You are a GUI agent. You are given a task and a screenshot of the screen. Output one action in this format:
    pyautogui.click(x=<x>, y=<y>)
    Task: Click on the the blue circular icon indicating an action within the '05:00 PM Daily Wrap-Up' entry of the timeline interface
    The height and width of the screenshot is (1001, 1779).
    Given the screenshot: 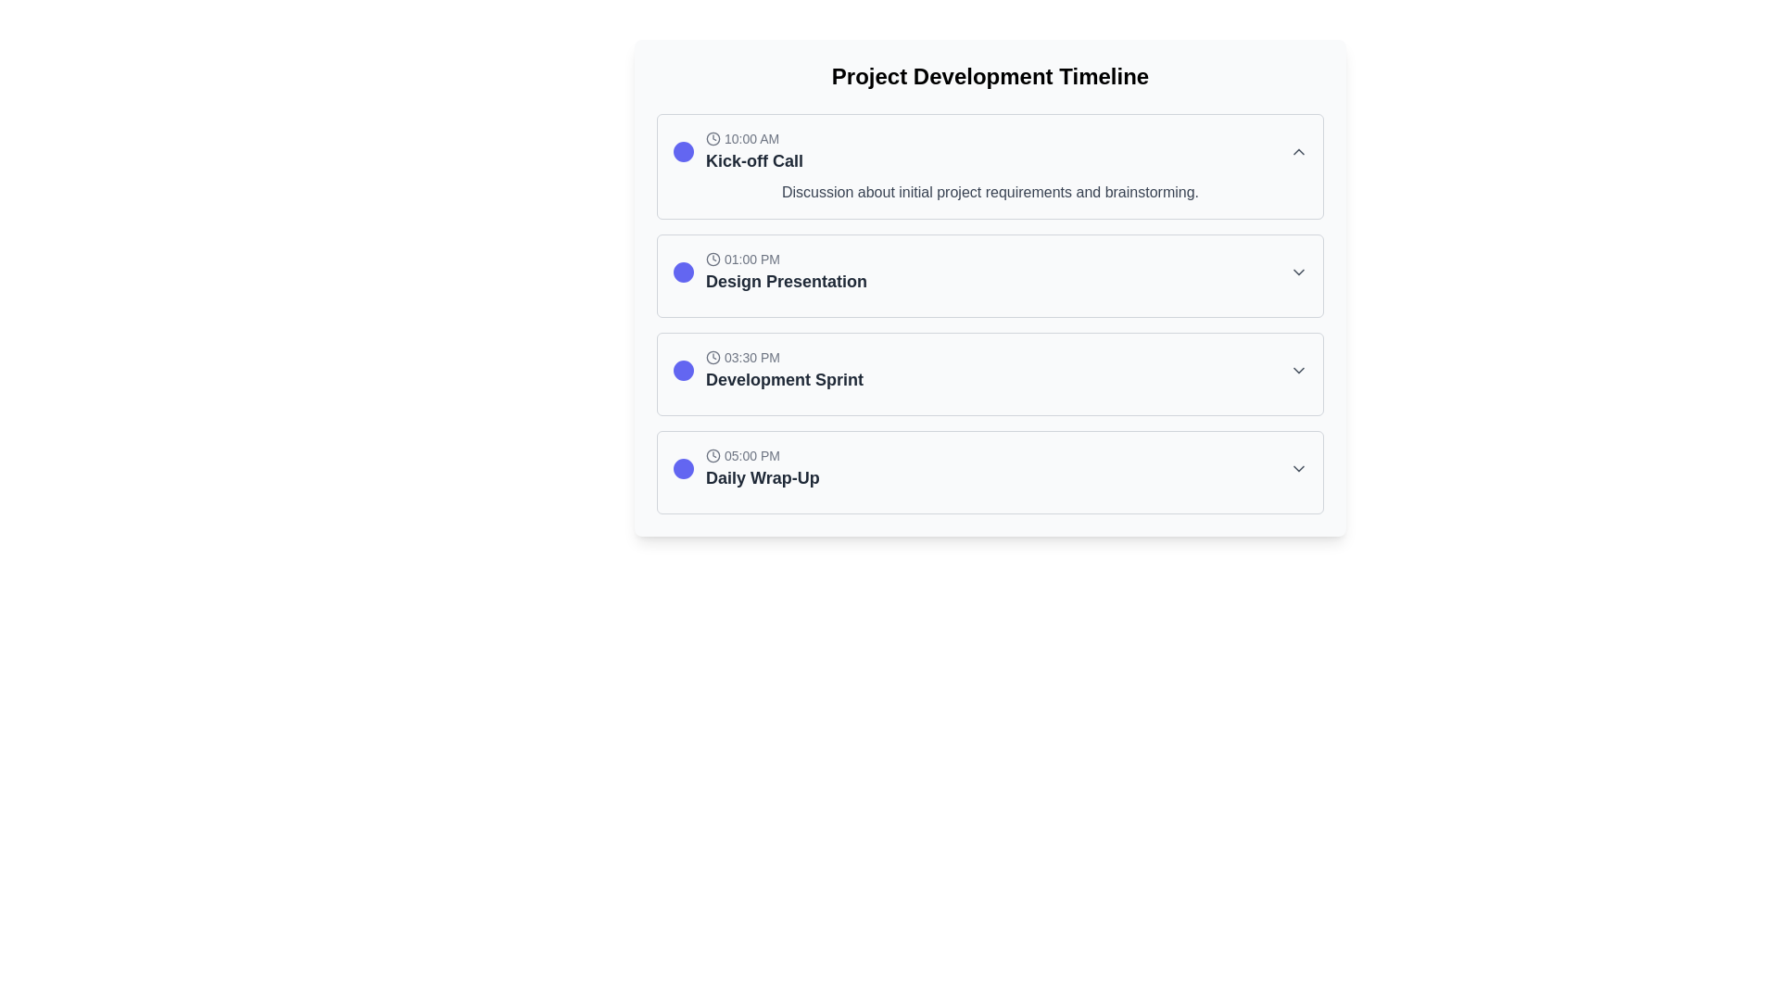 What is the action you would take?
    pyautogui.click(x=683, y=467)
    